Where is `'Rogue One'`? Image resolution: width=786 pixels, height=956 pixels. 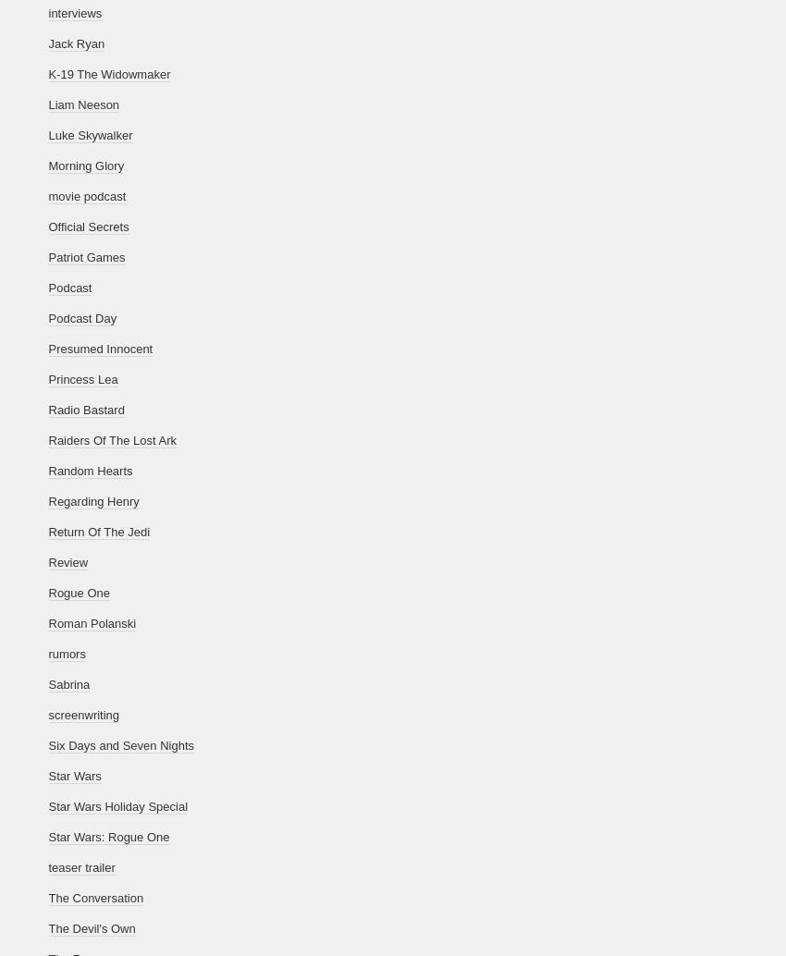
'Rogue One' is located at coordinates (79, 593).